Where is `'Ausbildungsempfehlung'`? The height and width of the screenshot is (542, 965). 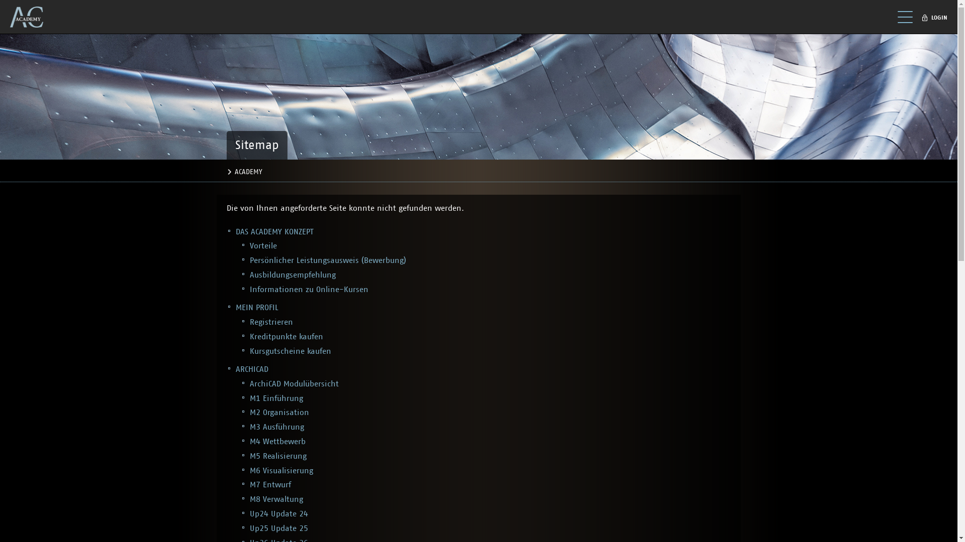 'Ausbildungsempfehlung' is located at coordinates (292, 275).